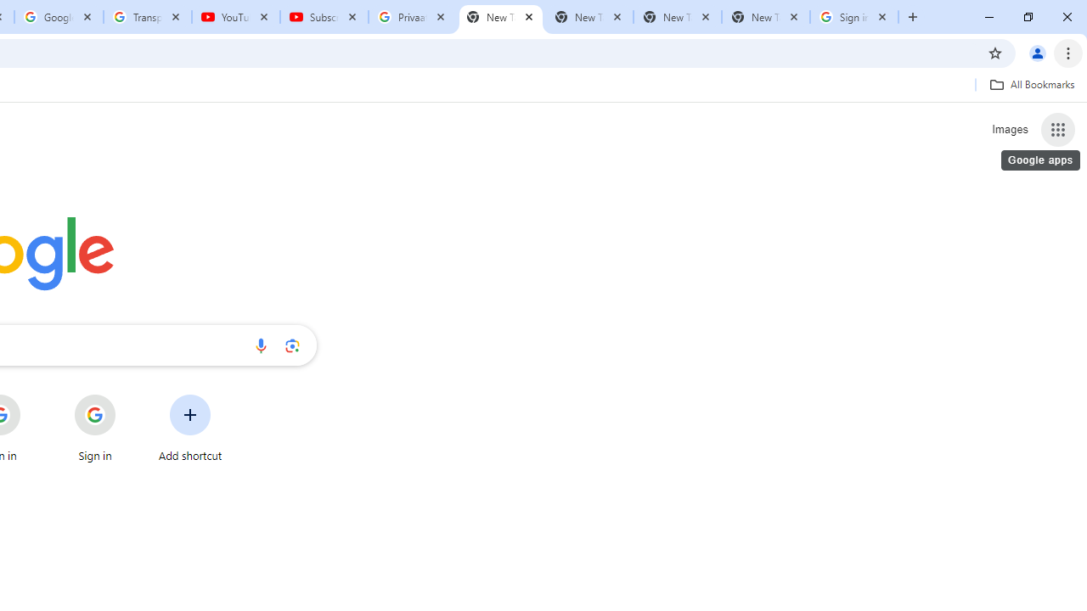 This screenshot has height=611, width=1087. I want to click on 'YouTube', so click(235, 17).